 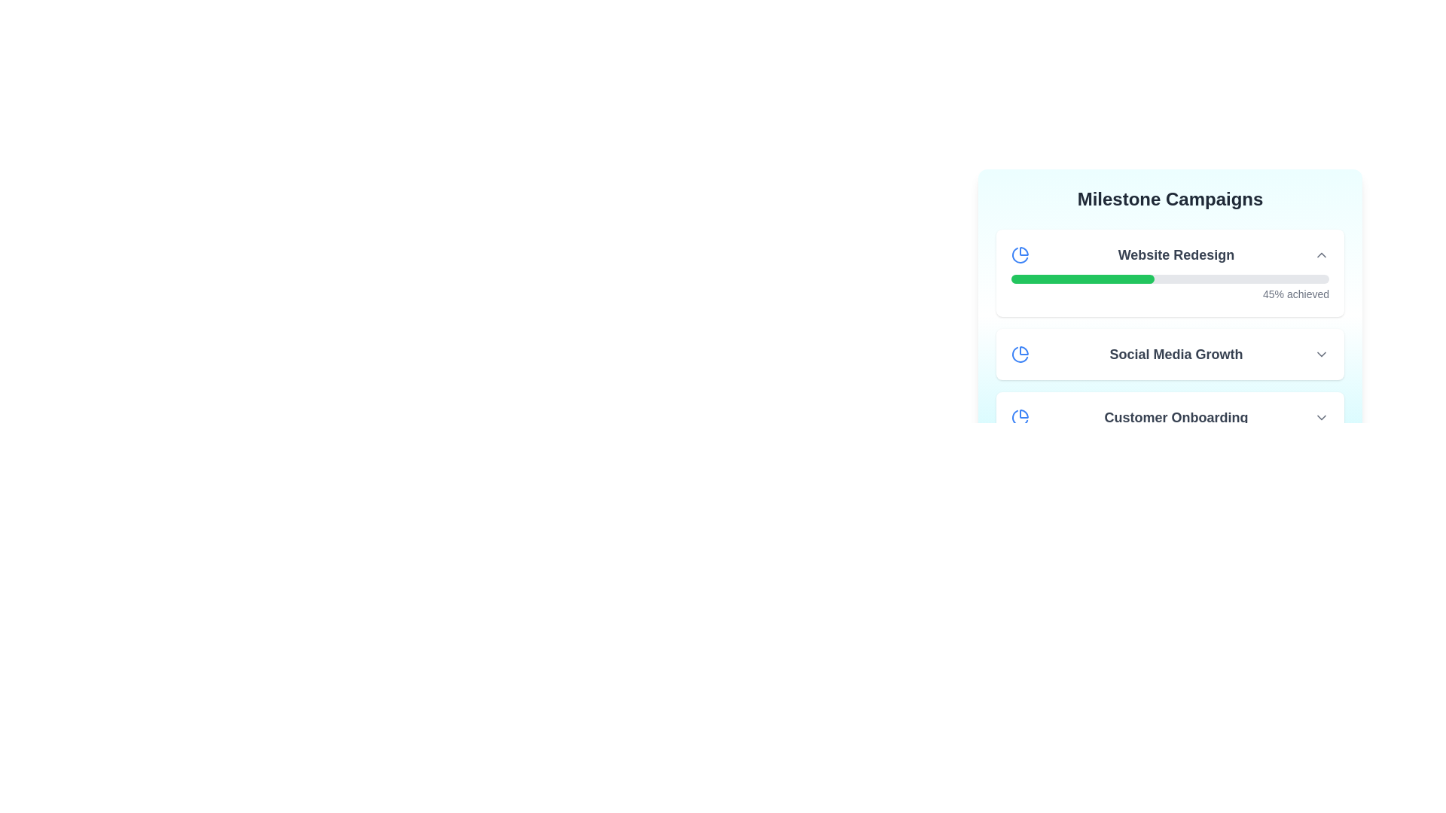 I want to click on the progress tracking card located in the center of the modal overlay to focus on it, so click(x=1170, y=315).